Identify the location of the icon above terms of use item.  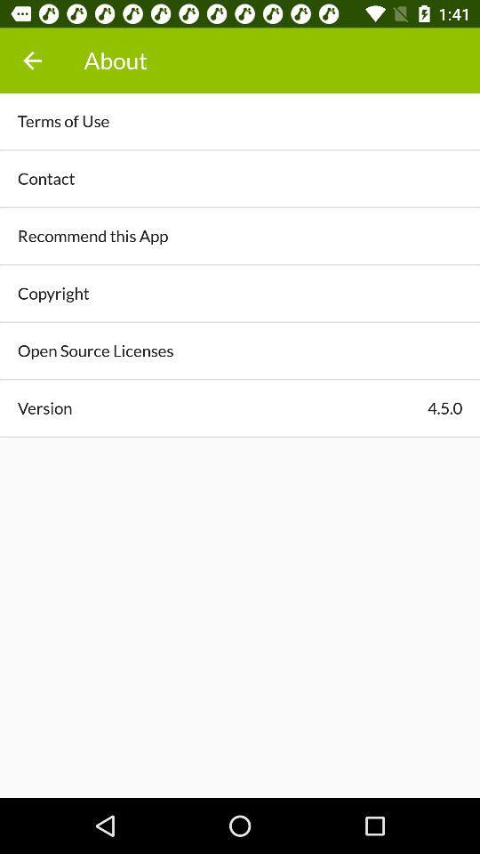
(32, 60).